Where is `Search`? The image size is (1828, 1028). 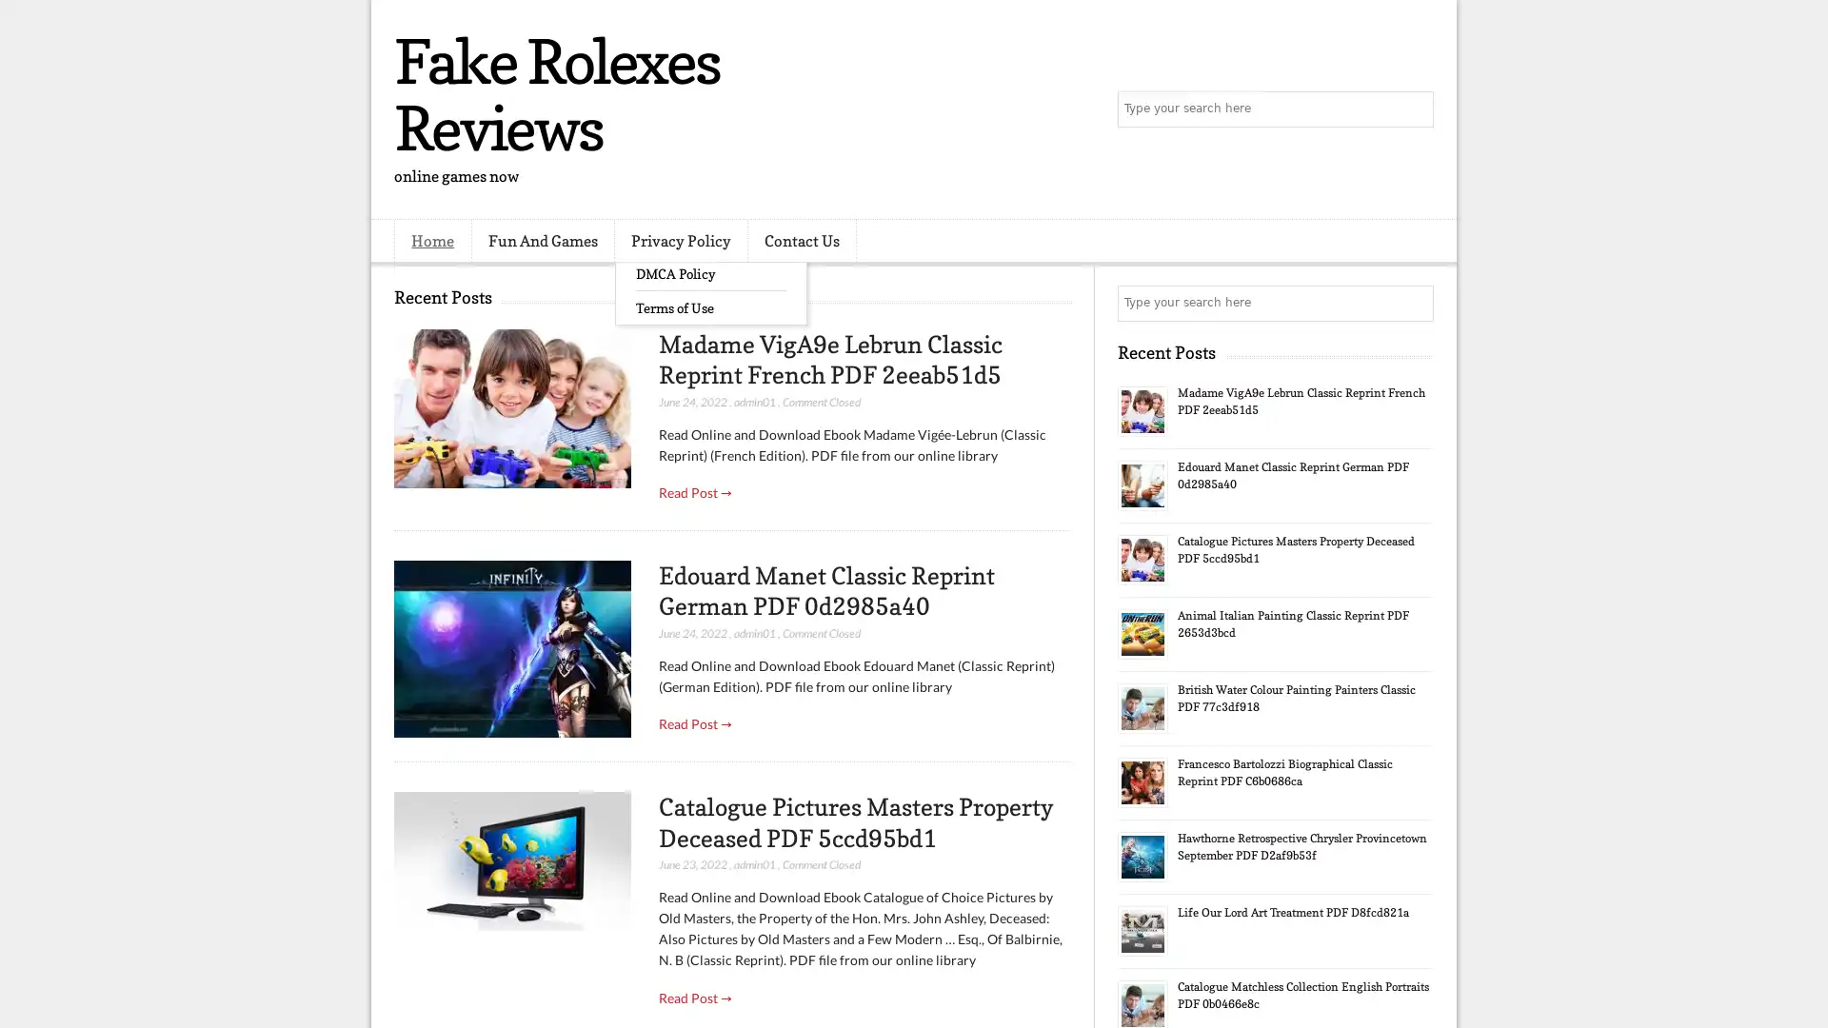 Search is located at coordinates (1414, 109).